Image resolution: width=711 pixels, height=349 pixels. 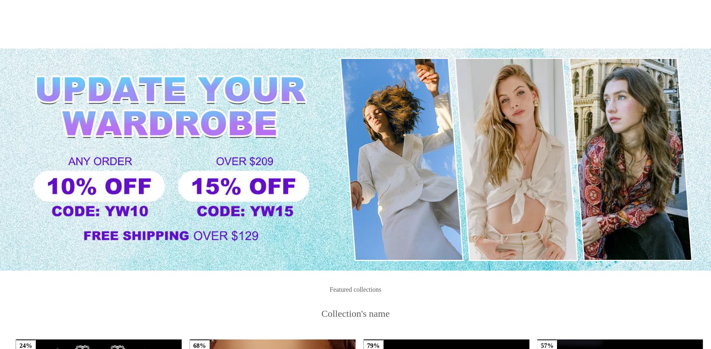 What do you see at coordinates (355, 146) in the screenshot?
I see `'Collection's name'` at bounding box center [355, 146].